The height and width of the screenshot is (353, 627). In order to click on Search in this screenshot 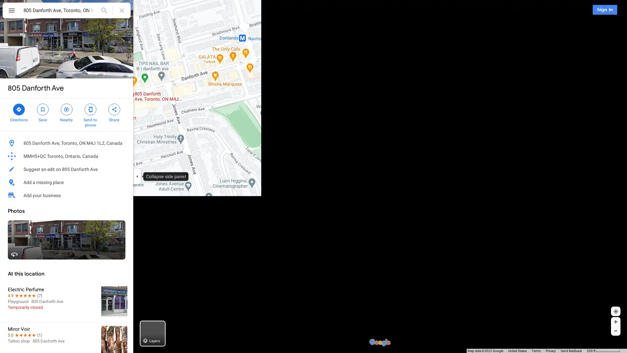, I will do `click(104, 10)`.